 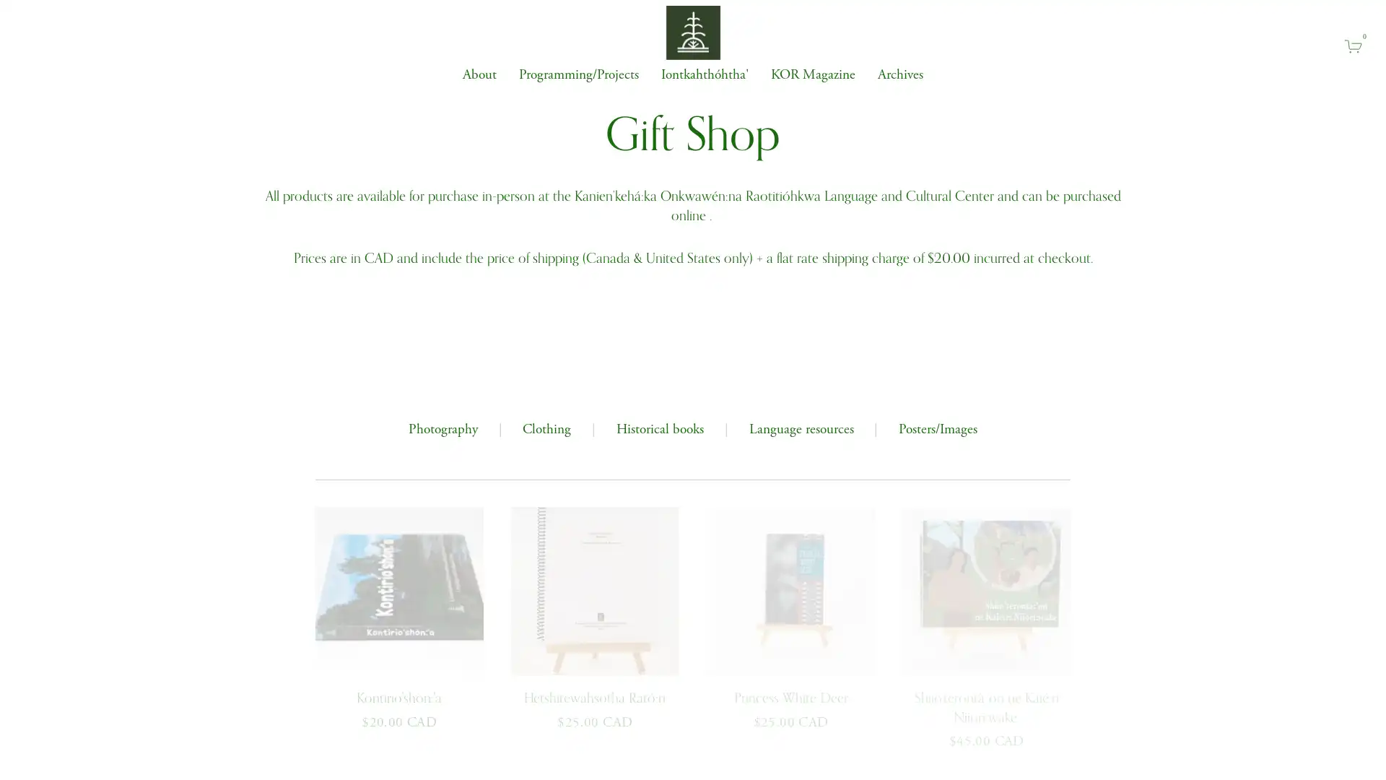 I want to click on QUICK VIEW, so click(x=398, y=607).